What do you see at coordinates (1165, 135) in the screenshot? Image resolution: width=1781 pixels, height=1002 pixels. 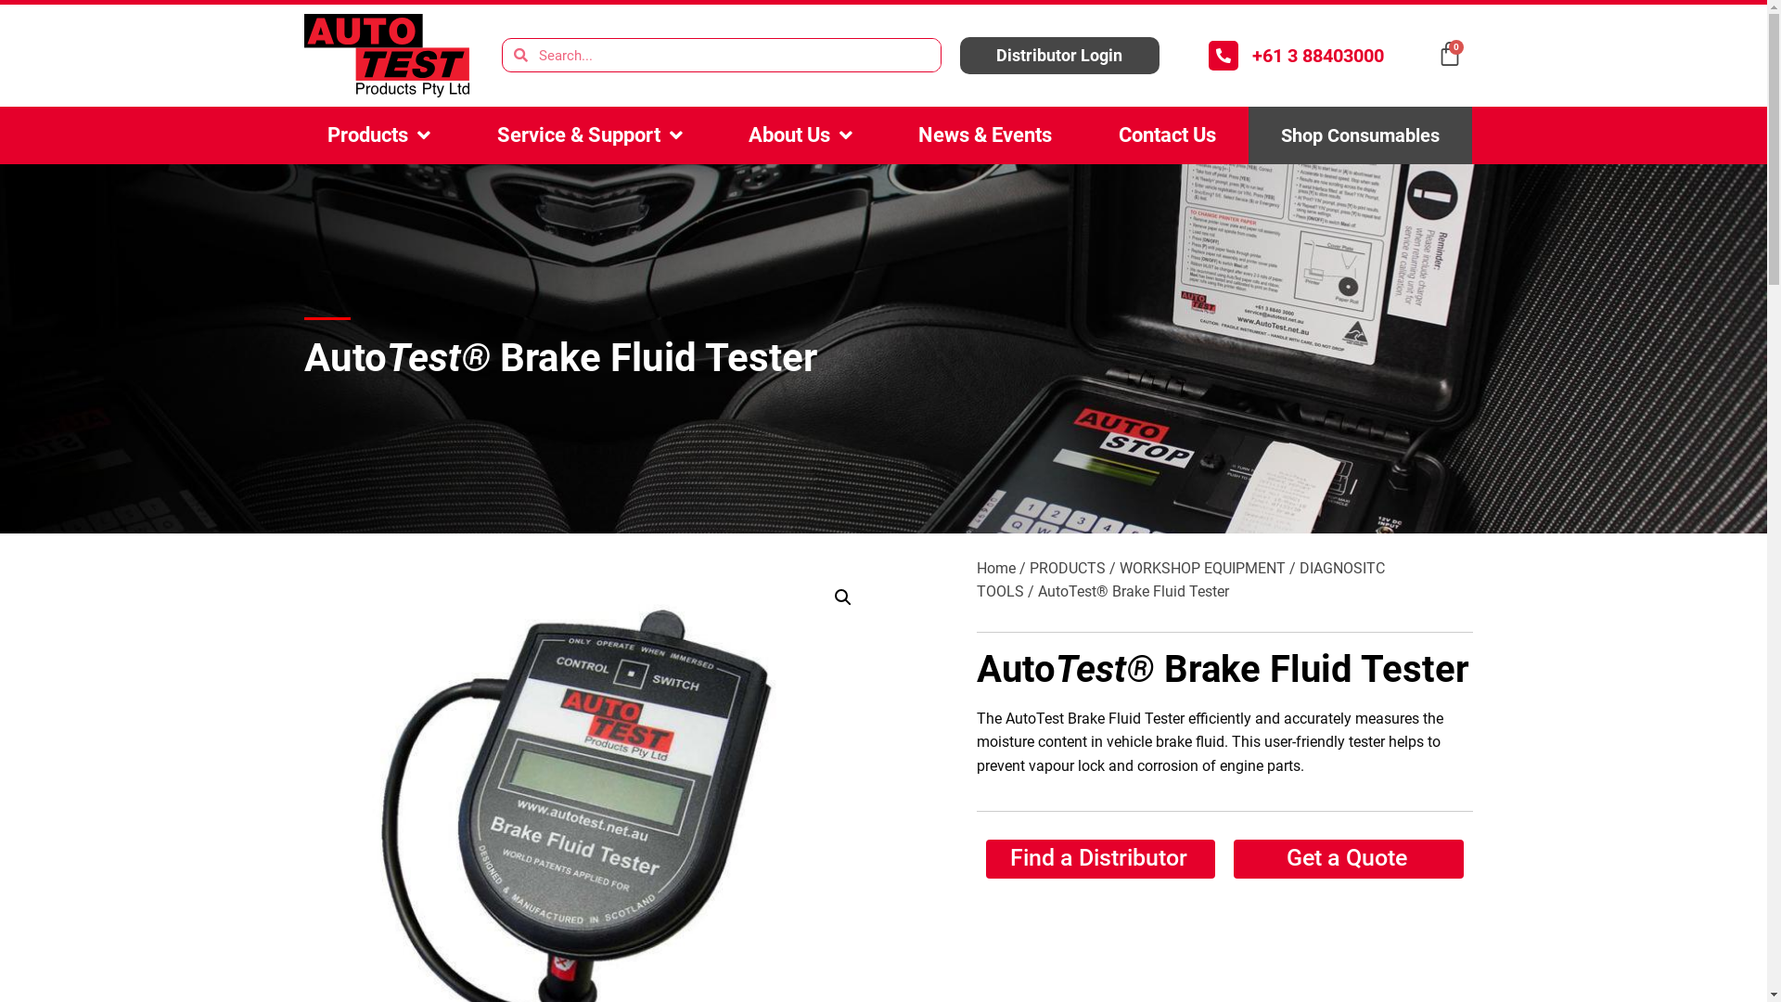 I see `'Contact Us'` at bounding box center [1165, 135].